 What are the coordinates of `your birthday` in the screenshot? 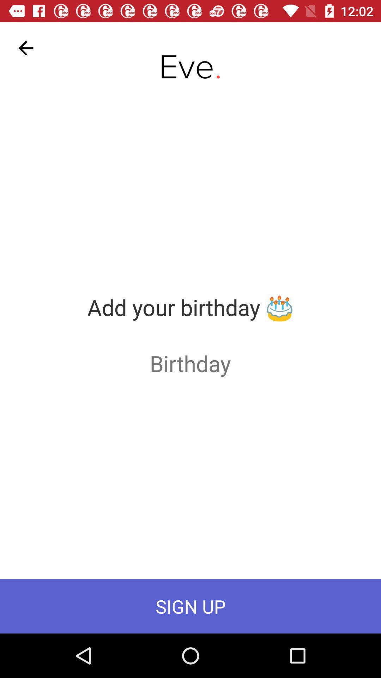 It's located at (190, 363).